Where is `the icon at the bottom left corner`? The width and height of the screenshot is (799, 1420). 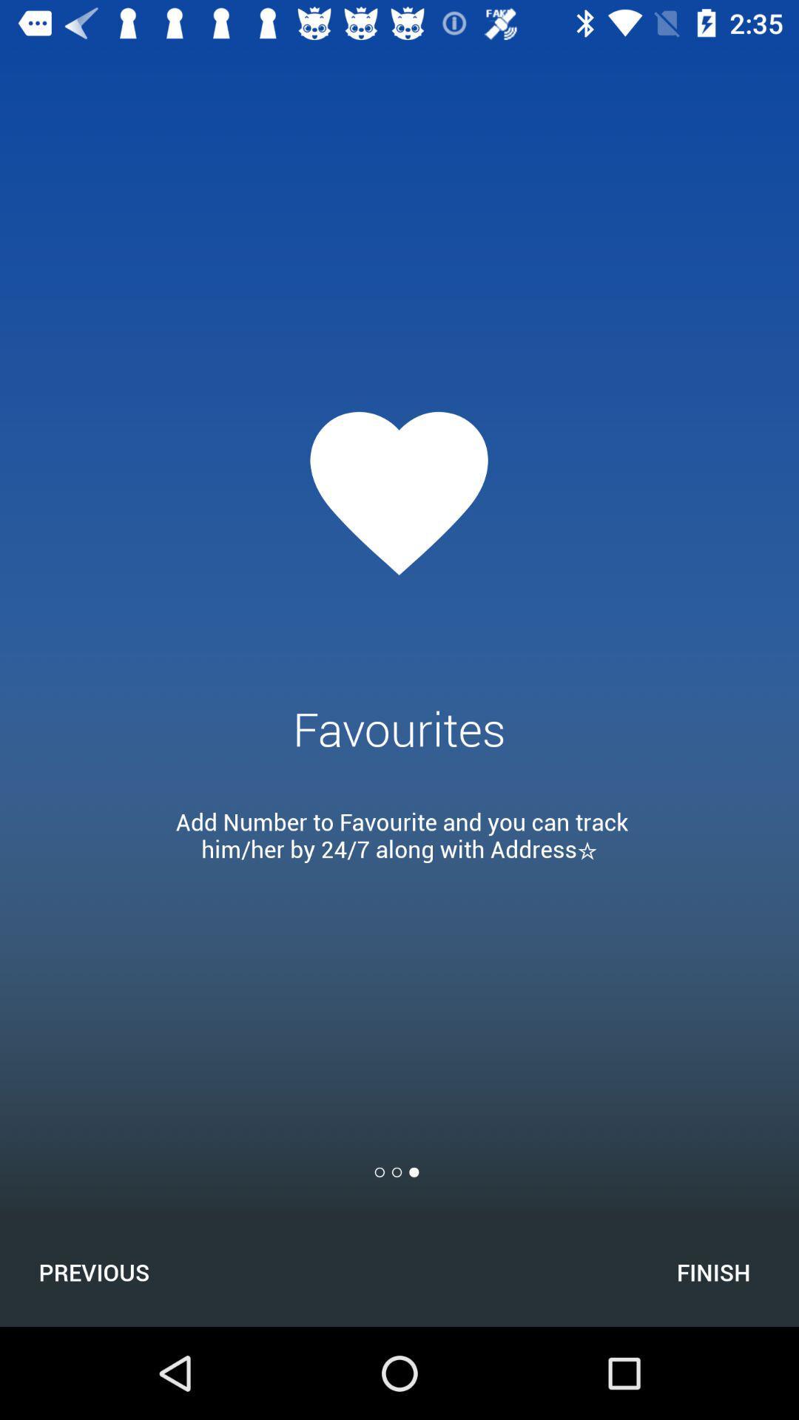
the icon at the bottom left corner is located at coordinates (94, 1271).